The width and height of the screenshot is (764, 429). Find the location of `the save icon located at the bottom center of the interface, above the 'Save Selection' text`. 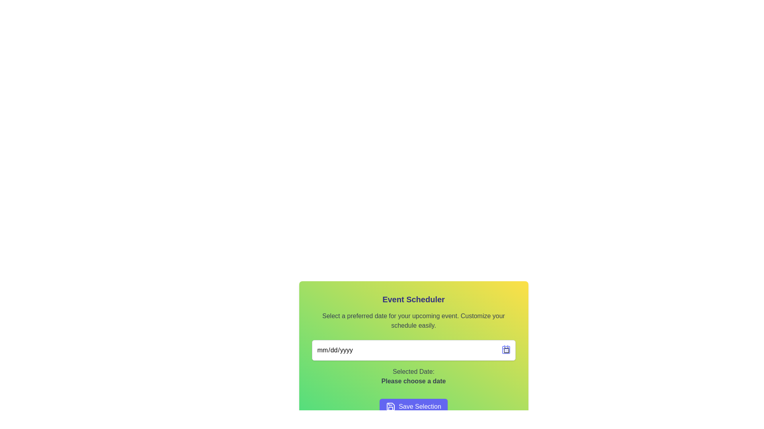

the save icon located at the bottom center of the interface, above the 'Save Selection' text is located at coordinates (391, 406).